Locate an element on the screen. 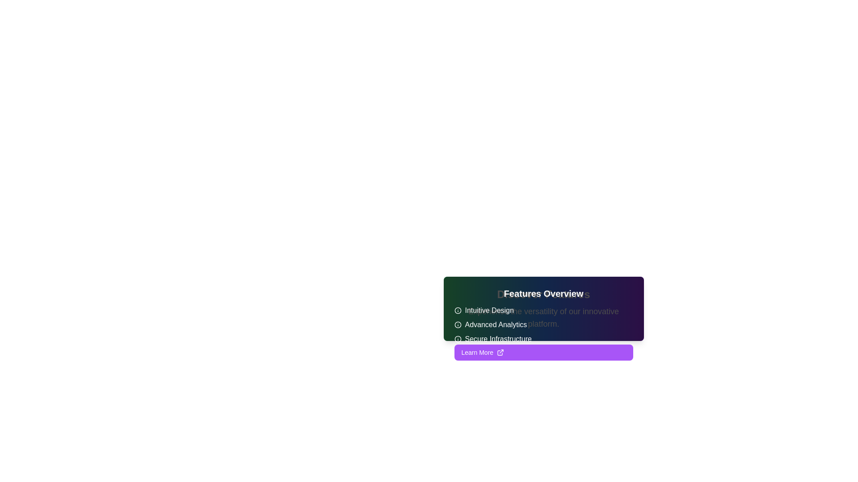 The width and height of the screenshot is (858, 482). second item in the vertically stacked list of features titled 'Features Overview', which outlines advanced analytical capabilities is located at coordinates (543, 325).